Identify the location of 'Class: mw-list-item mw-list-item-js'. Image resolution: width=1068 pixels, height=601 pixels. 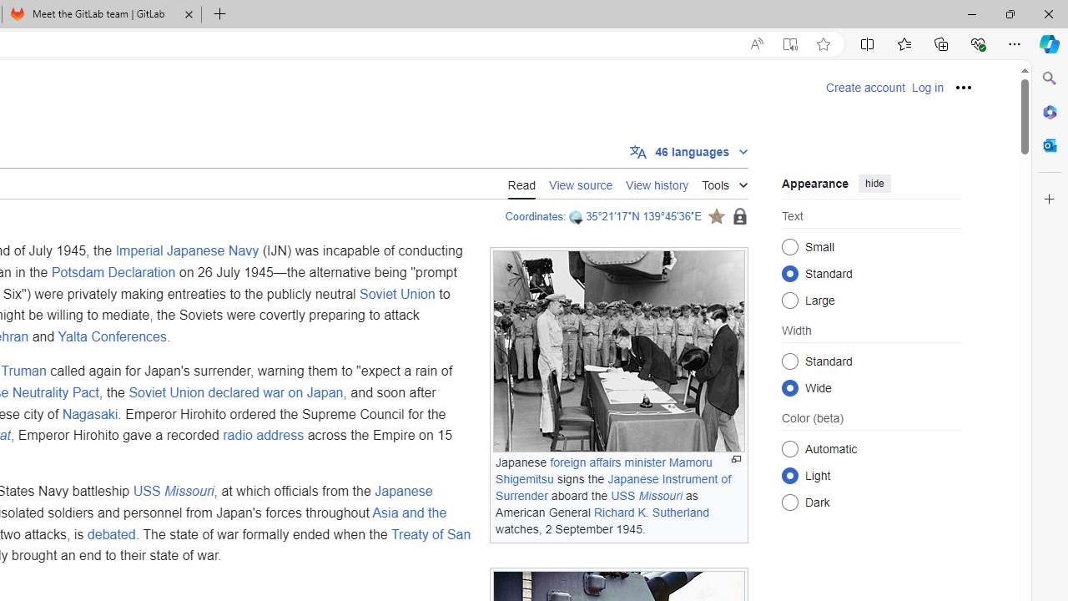
(871, 475).